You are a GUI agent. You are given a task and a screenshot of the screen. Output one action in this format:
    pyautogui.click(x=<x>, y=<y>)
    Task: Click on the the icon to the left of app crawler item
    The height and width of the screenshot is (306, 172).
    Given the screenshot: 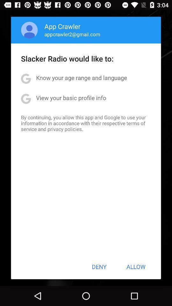 What is the action you would take?
    pyautogui.click(x=29, y=30)
    